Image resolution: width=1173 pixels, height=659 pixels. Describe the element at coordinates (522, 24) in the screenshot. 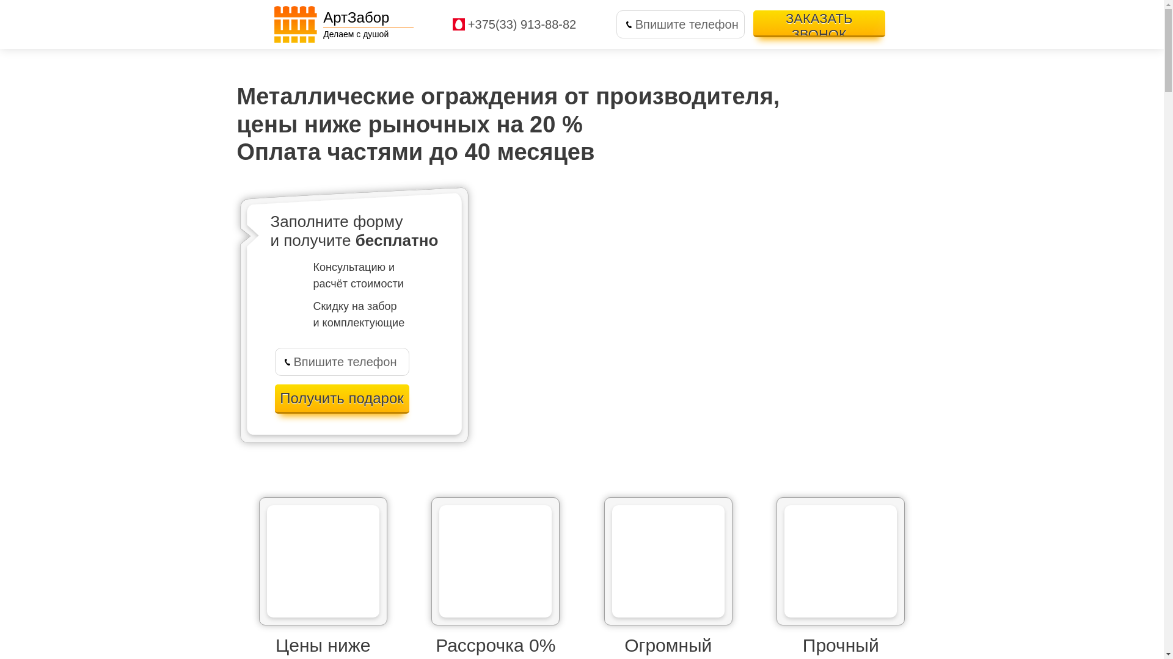

I see `'+375(33) 913-88-82'` at that location.